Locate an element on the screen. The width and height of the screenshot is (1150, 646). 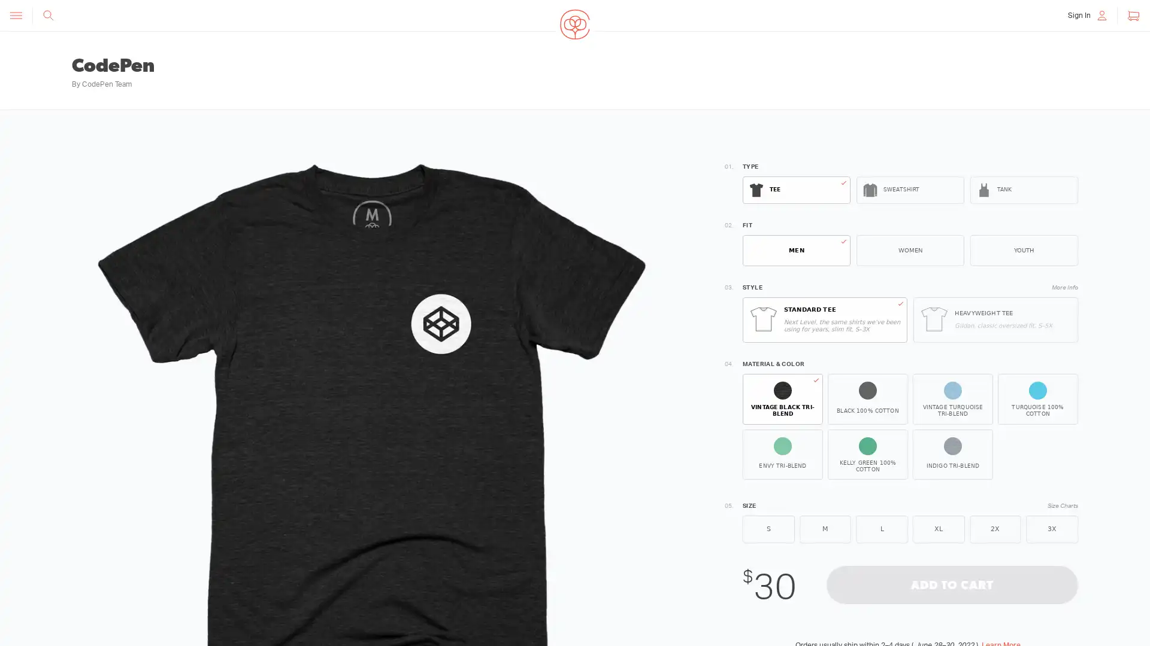
VINTAGE BLACK TRI-BLEND is located at coordinates (782, 399).